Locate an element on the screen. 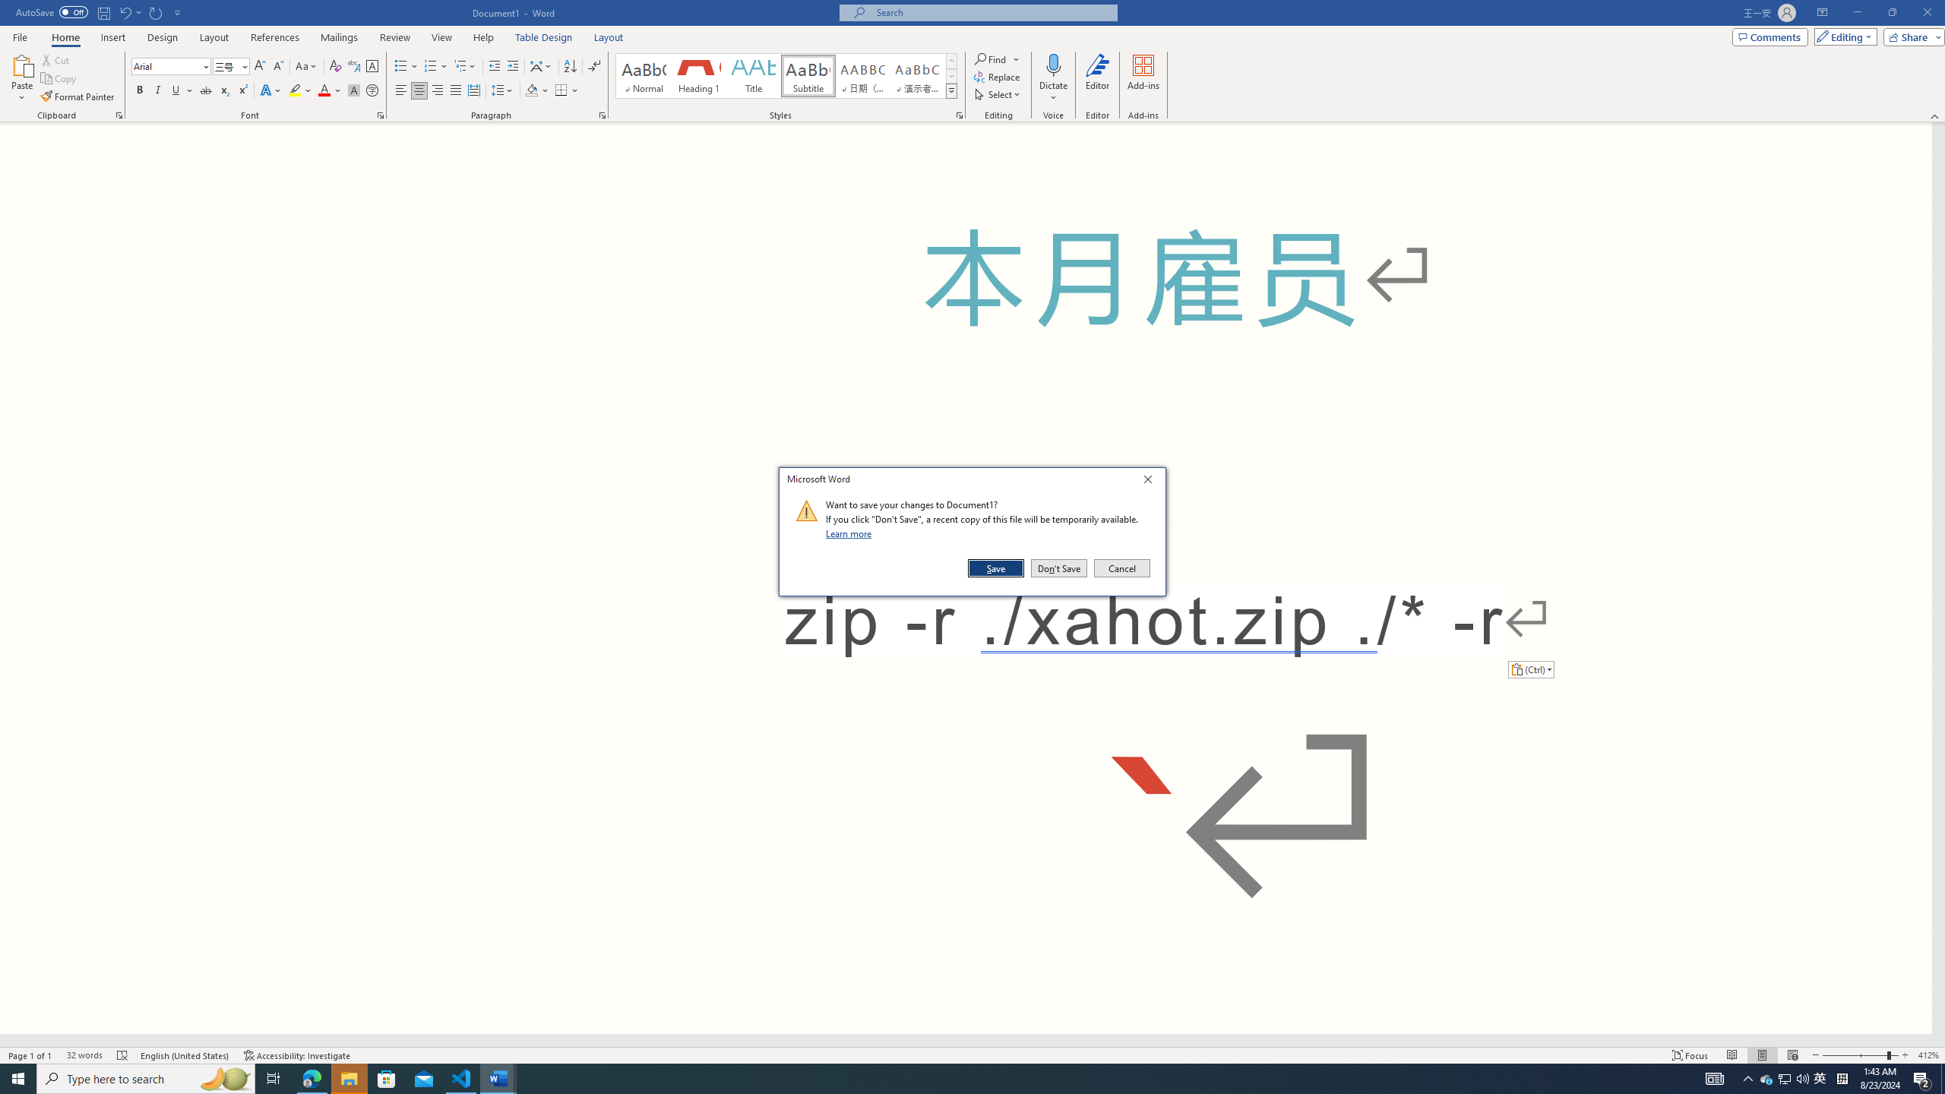  'Enclose Characters...' is located at coordinates (372, 90).